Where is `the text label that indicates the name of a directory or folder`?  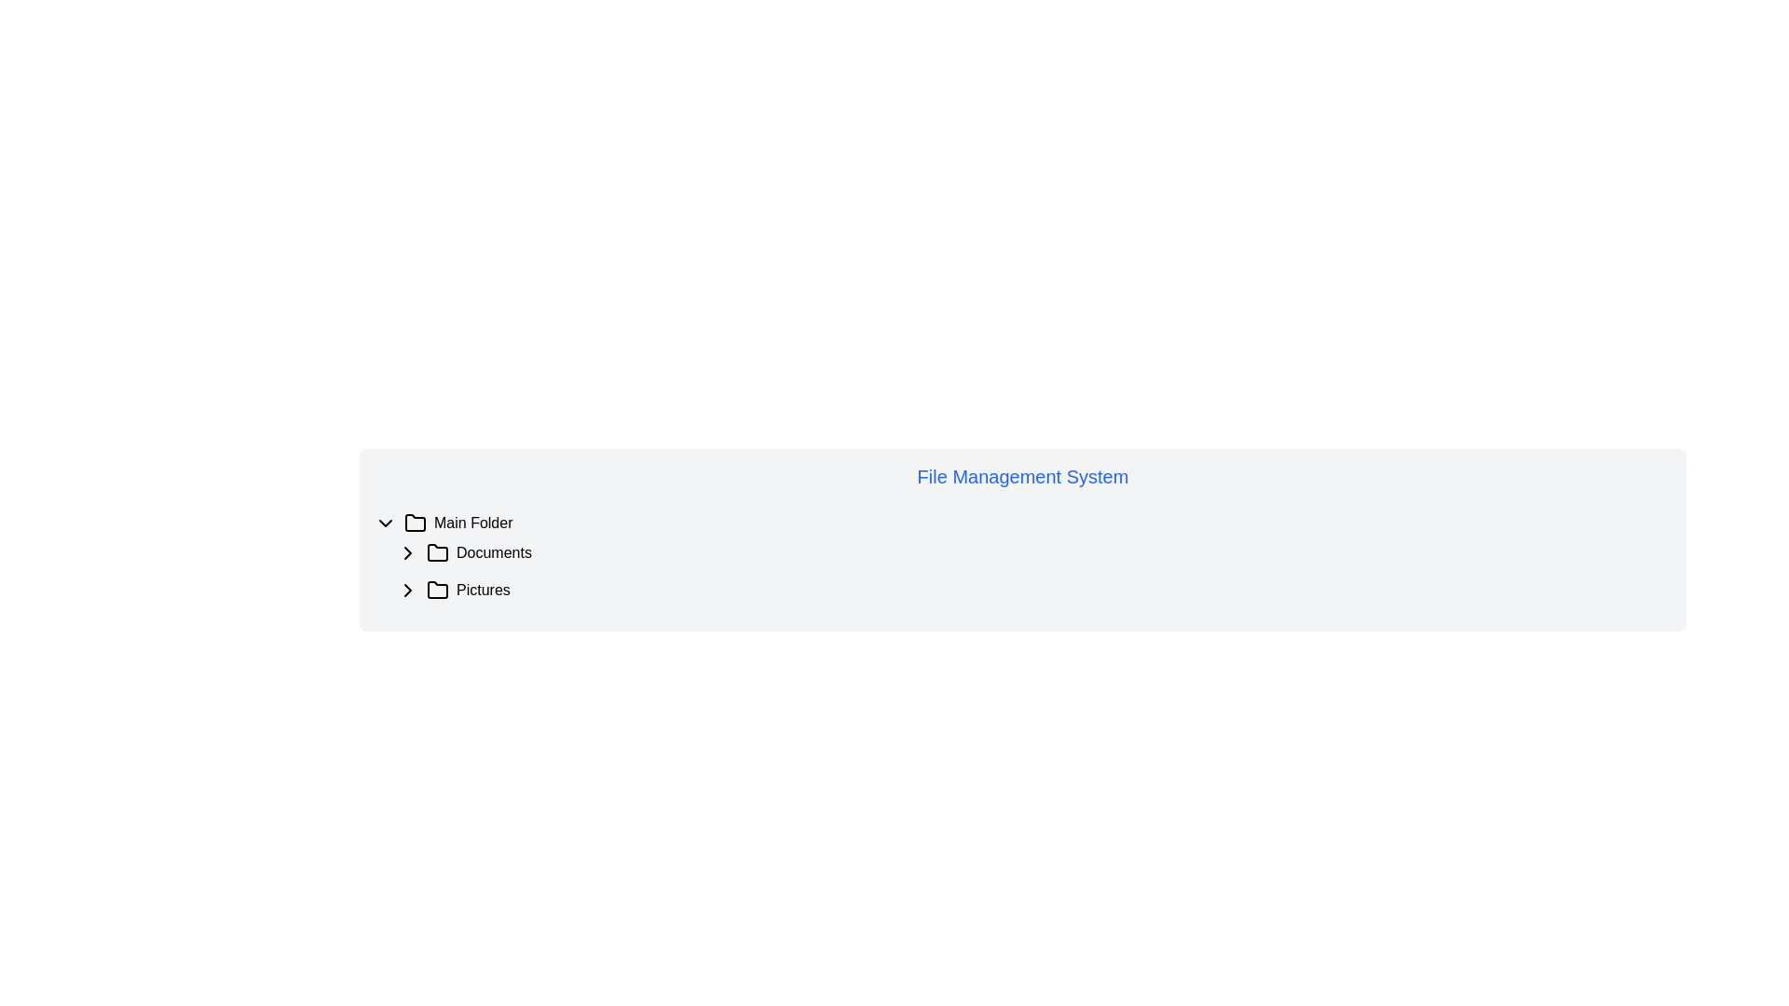 the text label that indicates the name of a directory or folder is located at coordinates (473, 523).